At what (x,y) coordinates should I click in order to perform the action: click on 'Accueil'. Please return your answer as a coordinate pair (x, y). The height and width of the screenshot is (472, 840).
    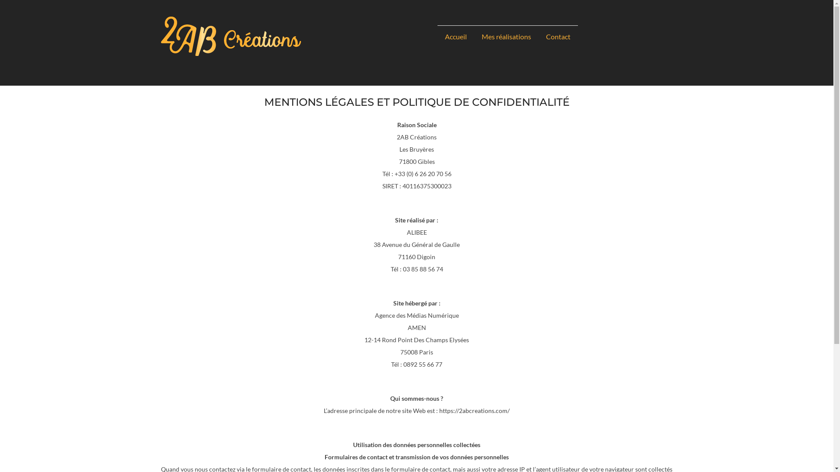
    Looking at the image, I should click on (455, 36).